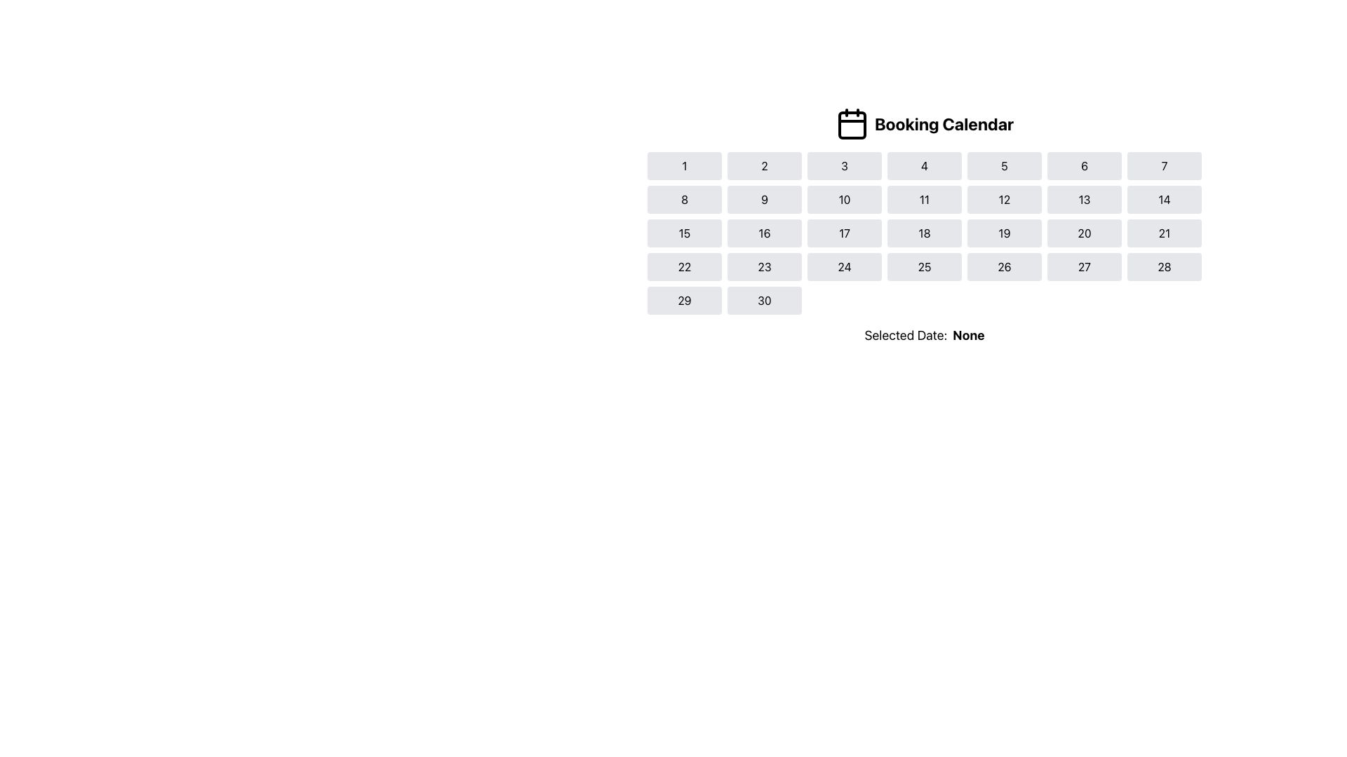 This screenshot has height=757, width=1347. I want to click on the calendar icon, which is characterized by its rectangular base and spiral bindings, located next to the bold text 'Booking Calendar', so click(851, 123).